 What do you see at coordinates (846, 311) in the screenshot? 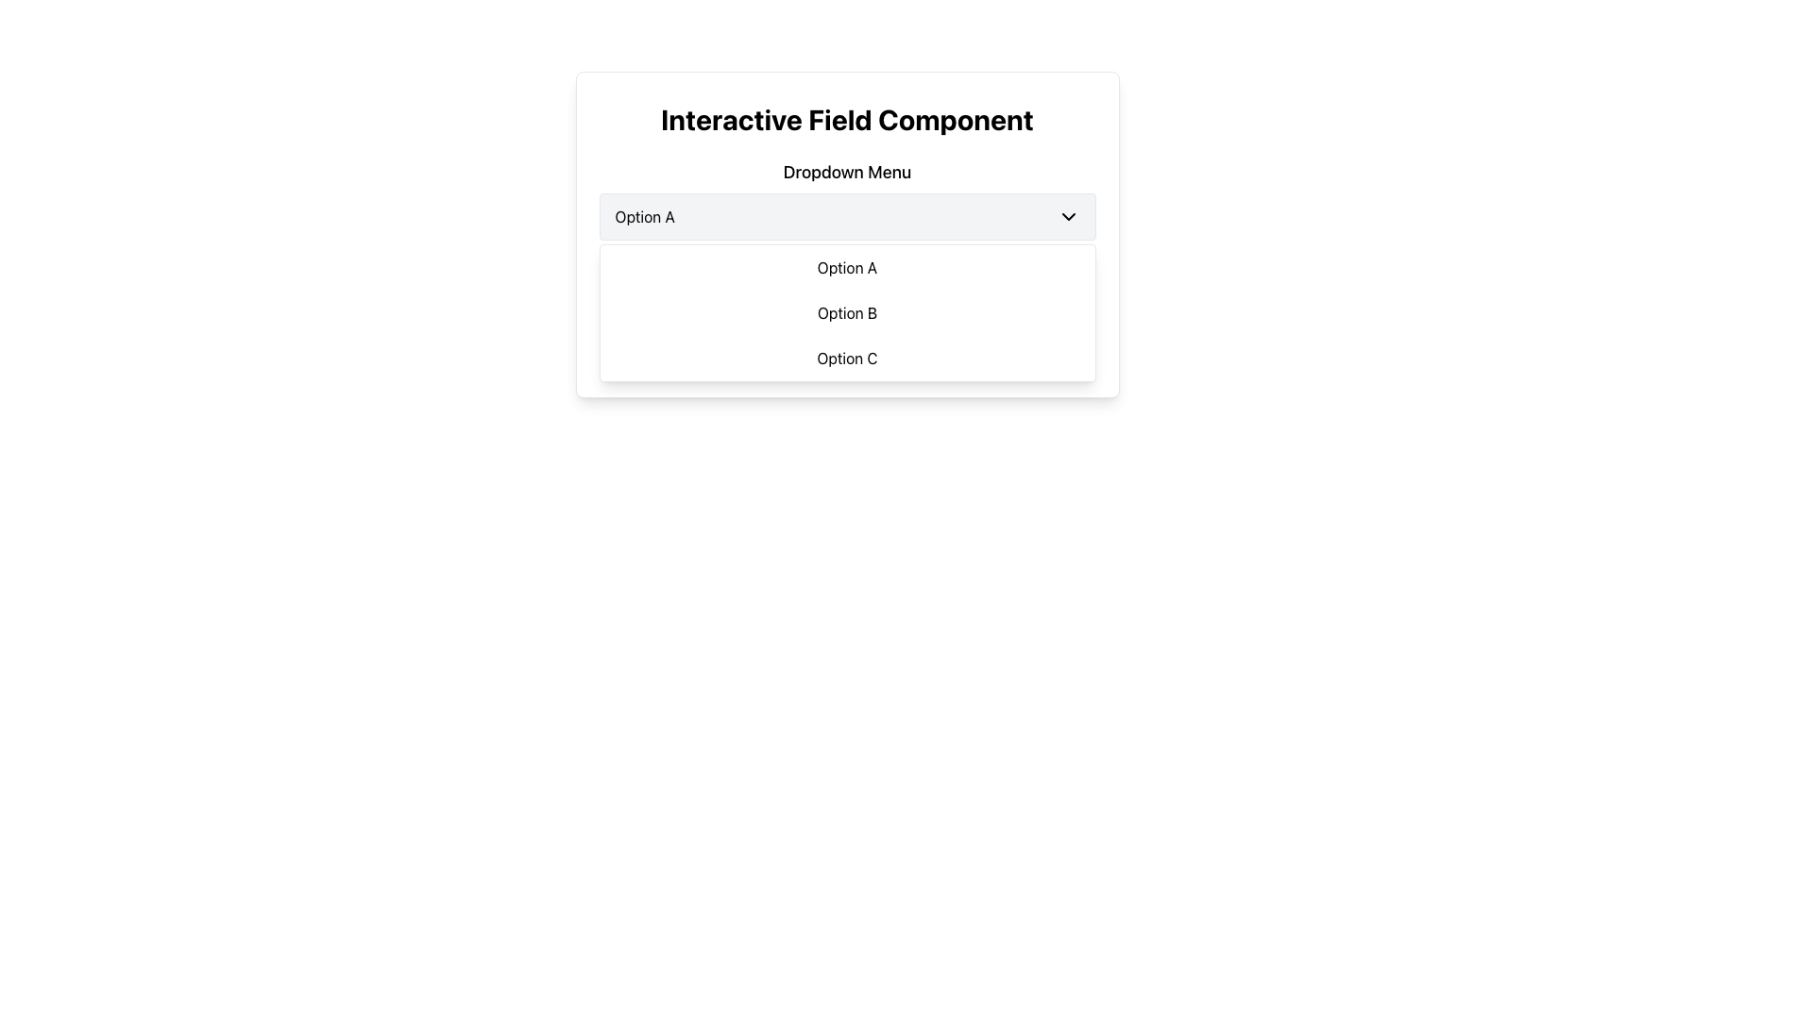
I see `to select the dropdown option labeled 'Option B', which is the second item in the dropdown menu with a hover effect and black text` at bounding box center [846, 311].